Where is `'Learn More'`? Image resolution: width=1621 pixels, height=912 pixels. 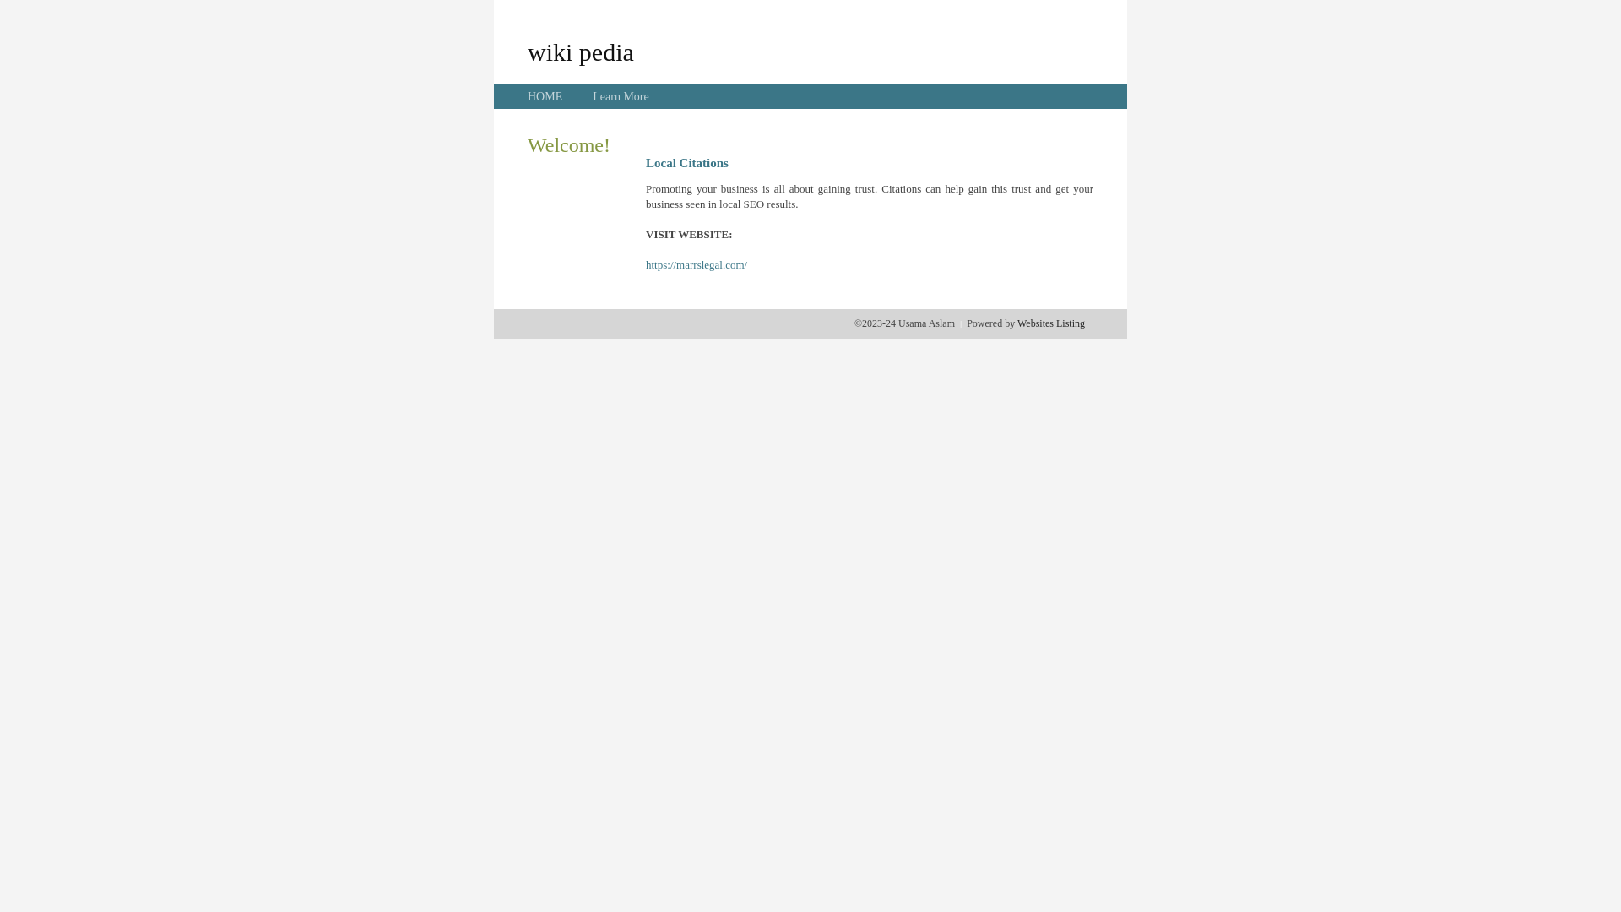
'Learn More' is located at coordinates (619, 96).